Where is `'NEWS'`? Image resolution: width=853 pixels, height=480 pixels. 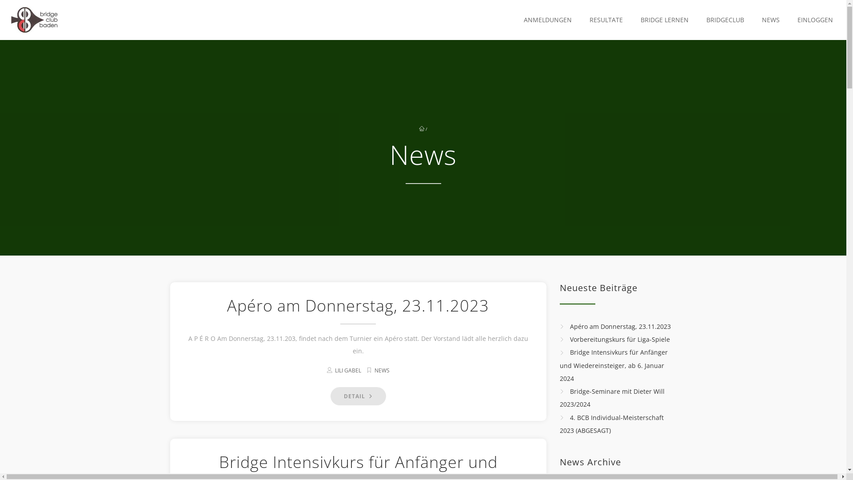
'NEWS' is located at coordinates (382, 370).